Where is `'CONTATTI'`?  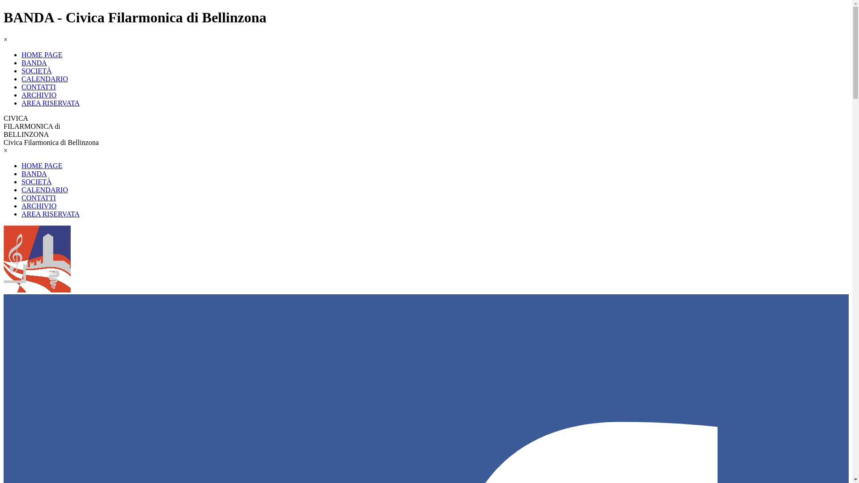 'CONTATTI' is located at coordinates (38, 197).